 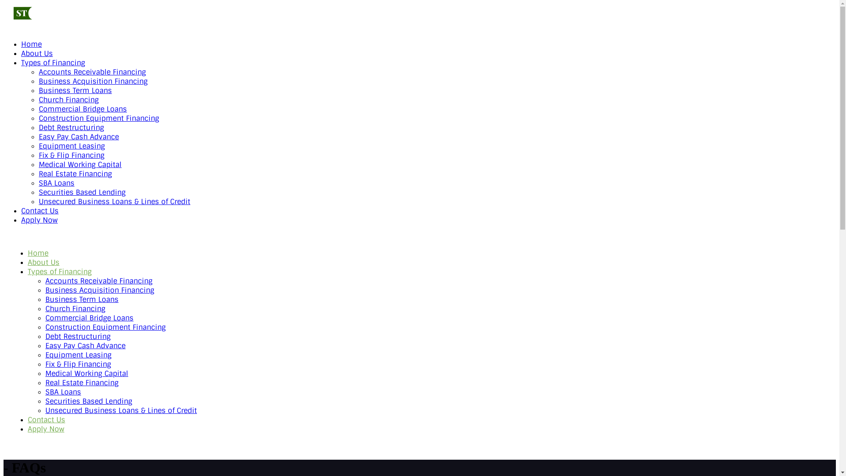 What do you see at coordinates (120, 410) in the screenshot?
I see `'Unsecured Business Loans & Lines of Credit'` at bounding box center [120, 410].